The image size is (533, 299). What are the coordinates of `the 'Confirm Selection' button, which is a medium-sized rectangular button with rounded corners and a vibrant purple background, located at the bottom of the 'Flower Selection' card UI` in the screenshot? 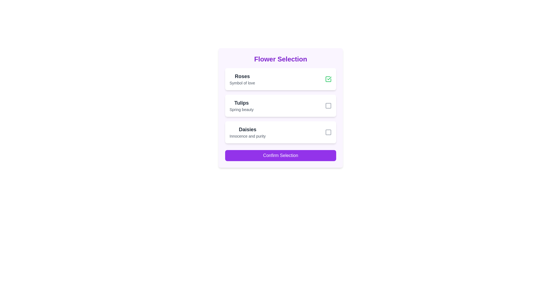 It's located at (281, 156).